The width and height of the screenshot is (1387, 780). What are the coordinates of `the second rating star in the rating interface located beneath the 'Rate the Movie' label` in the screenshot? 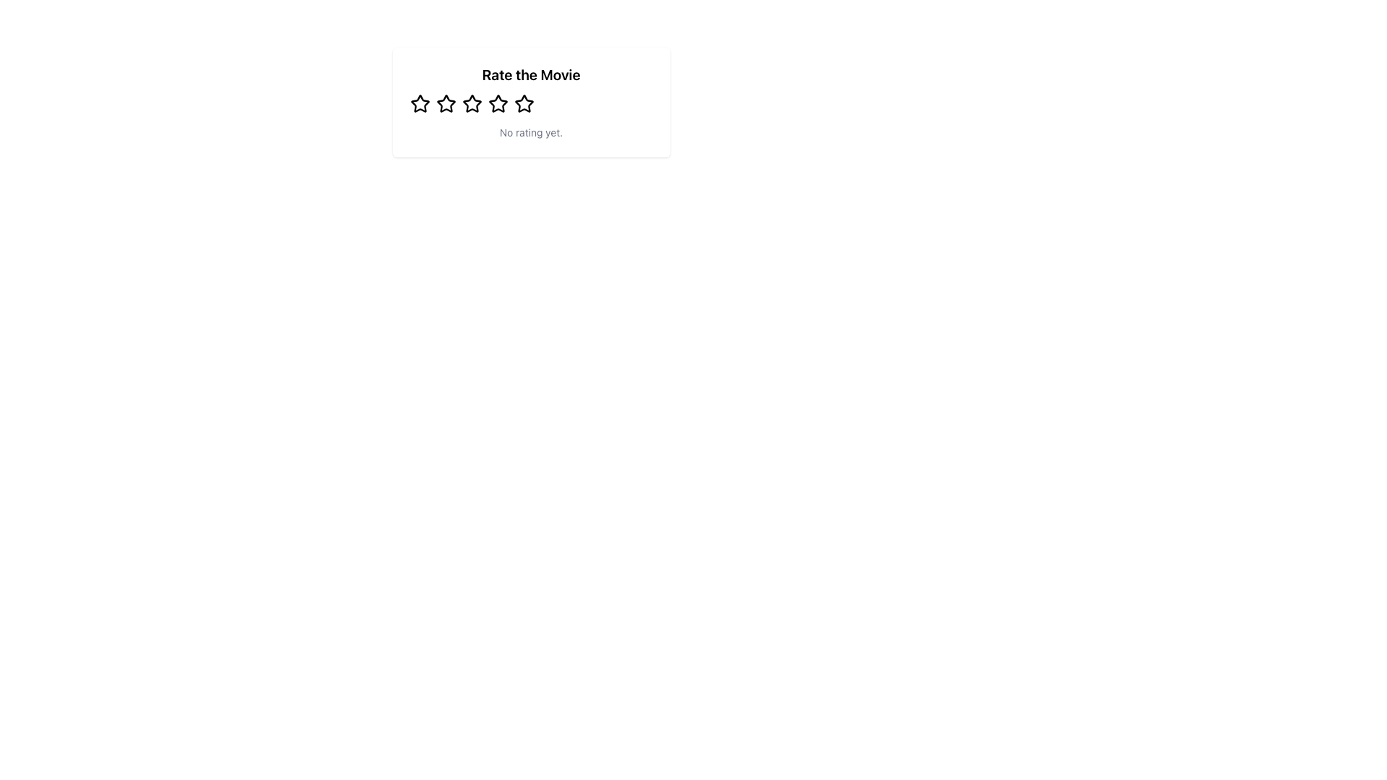 It's located at (445, 103).